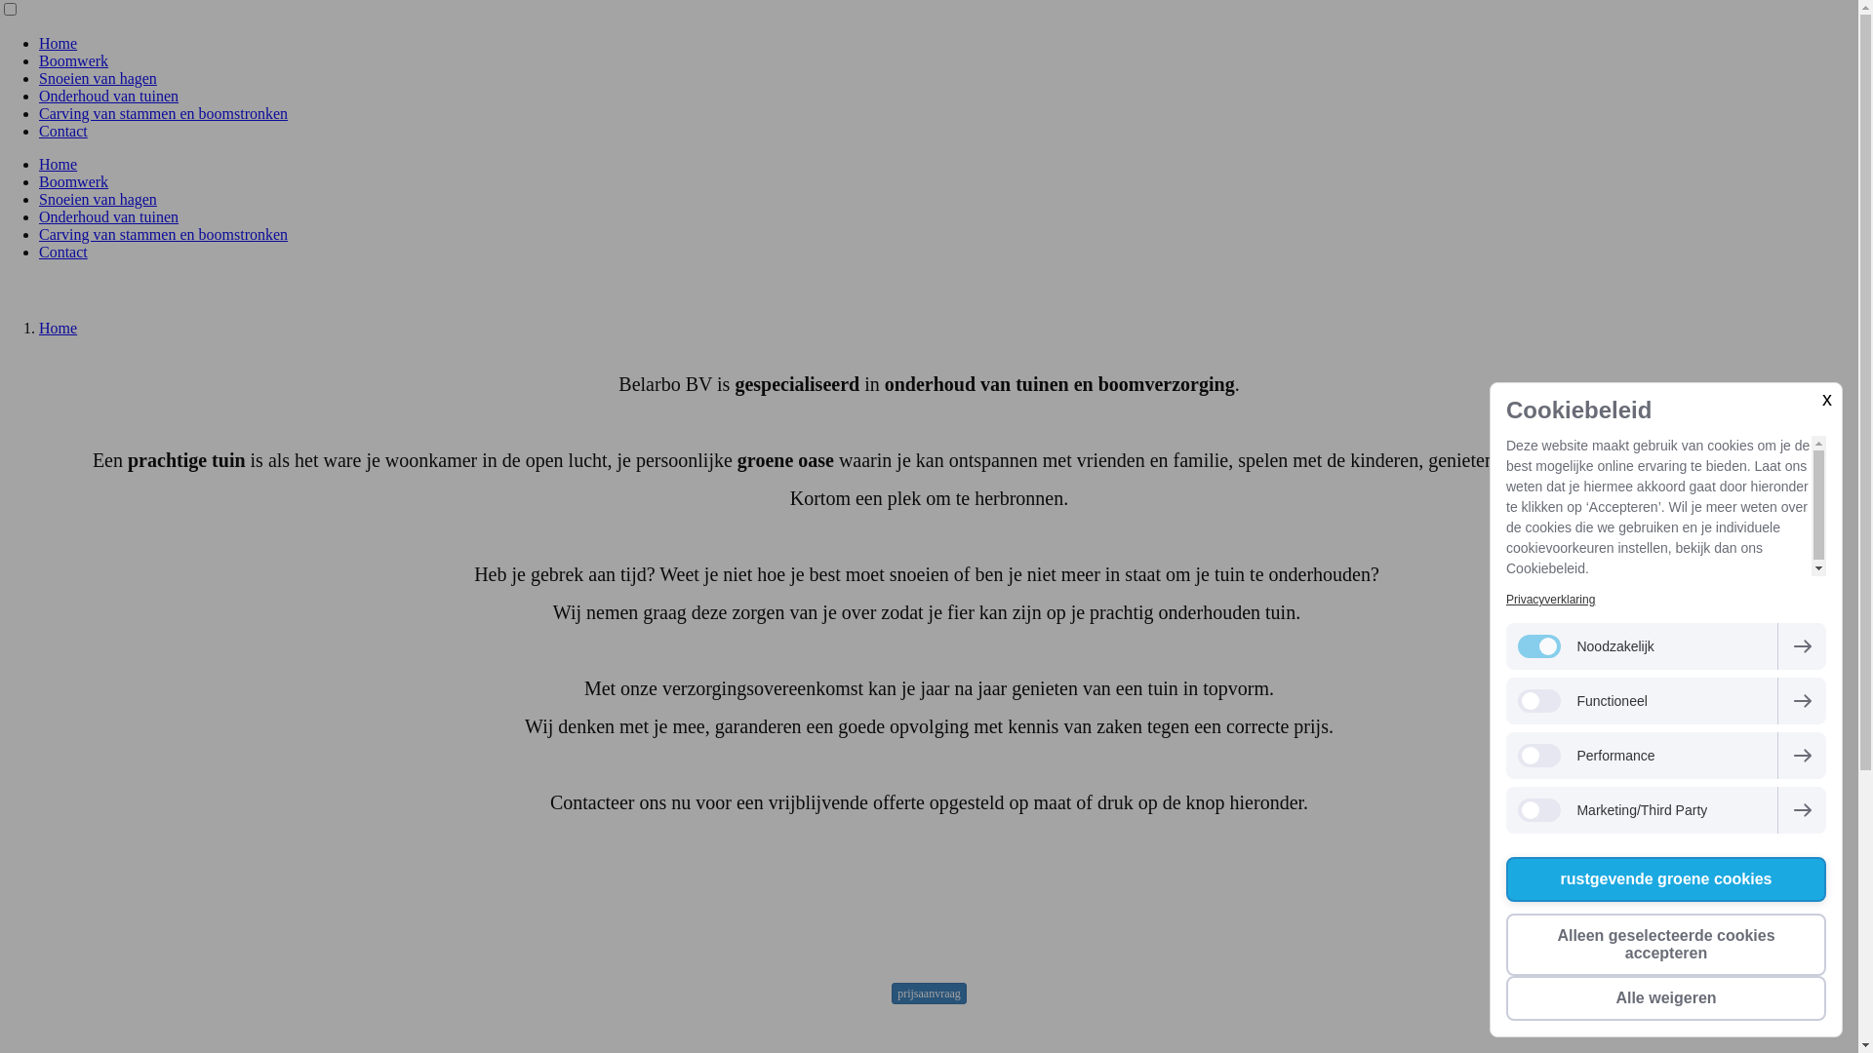 Image resolution: width=1873 pixels, height=1053 pixels. I want to click on 'Home', so click(58, 163).